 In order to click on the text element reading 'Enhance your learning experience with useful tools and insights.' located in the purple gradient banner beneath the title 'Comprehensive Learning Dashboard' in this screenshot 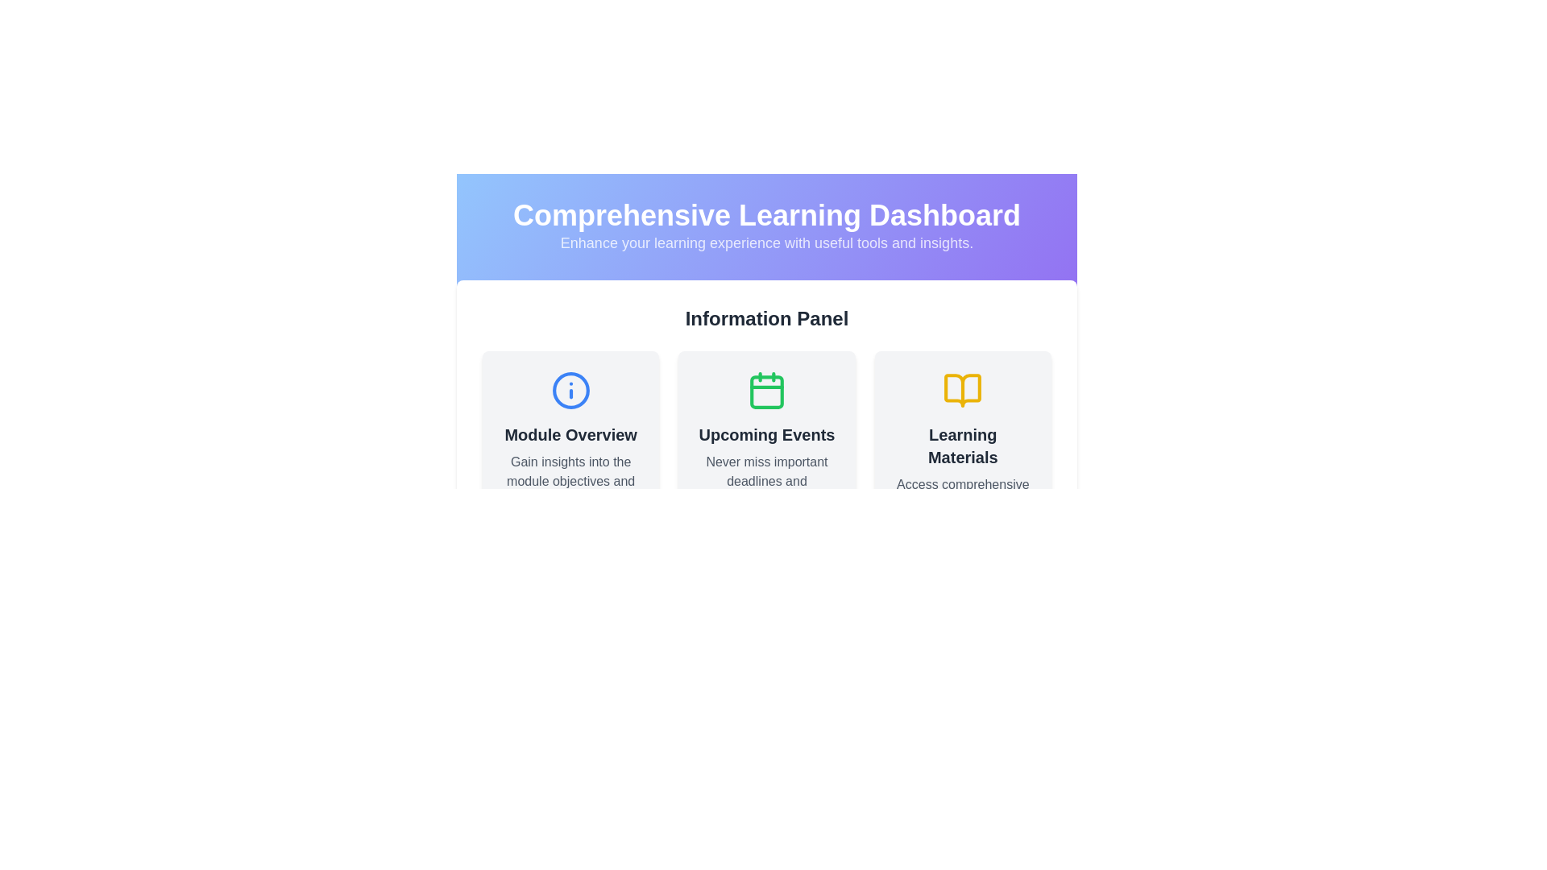, I will do `click(765, 242)`.